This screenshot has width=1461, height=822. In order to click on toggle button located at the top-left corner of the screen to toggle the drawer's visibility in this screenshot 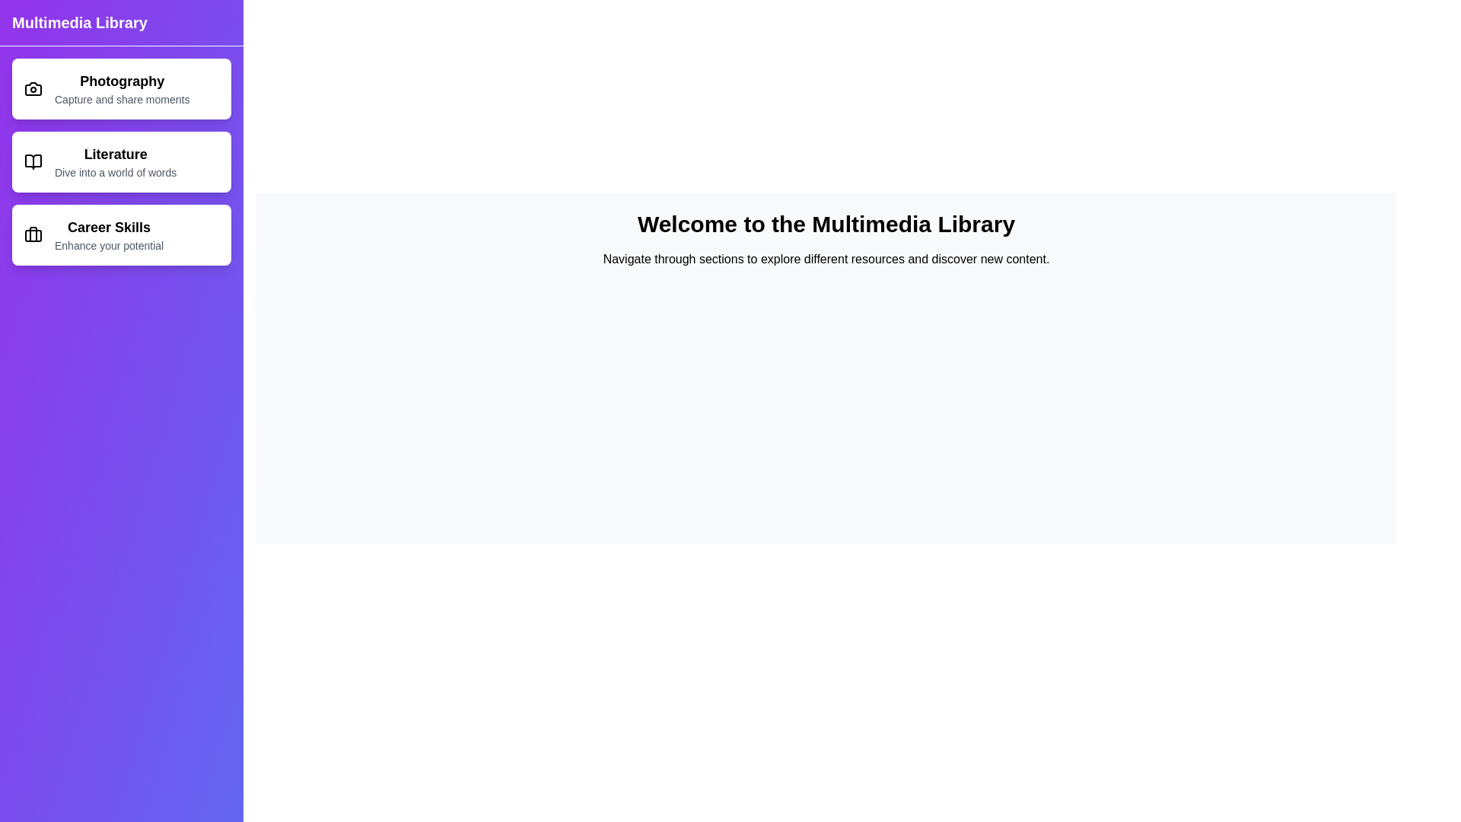, I will do `click(30, 30)`.